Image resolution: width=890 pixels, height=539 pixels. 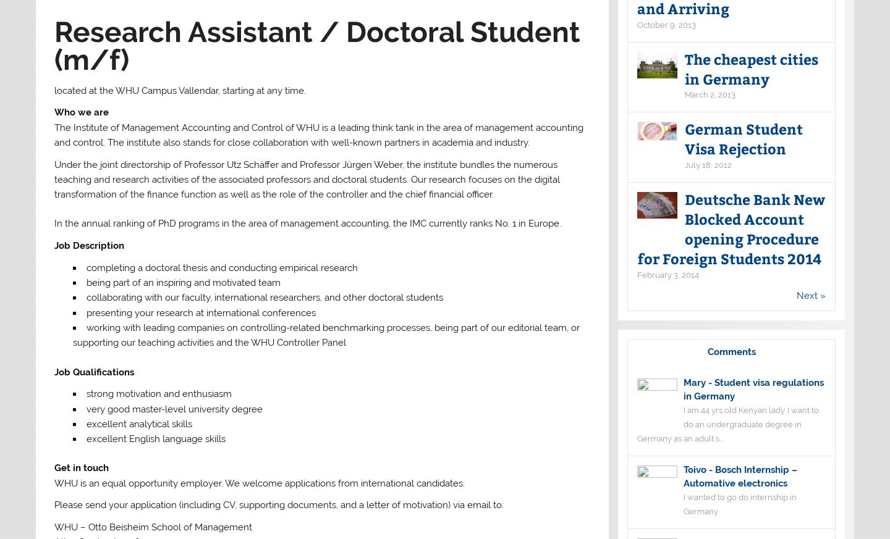 I want to click on 'excellent analytical skills', so click(x=138, y=424).